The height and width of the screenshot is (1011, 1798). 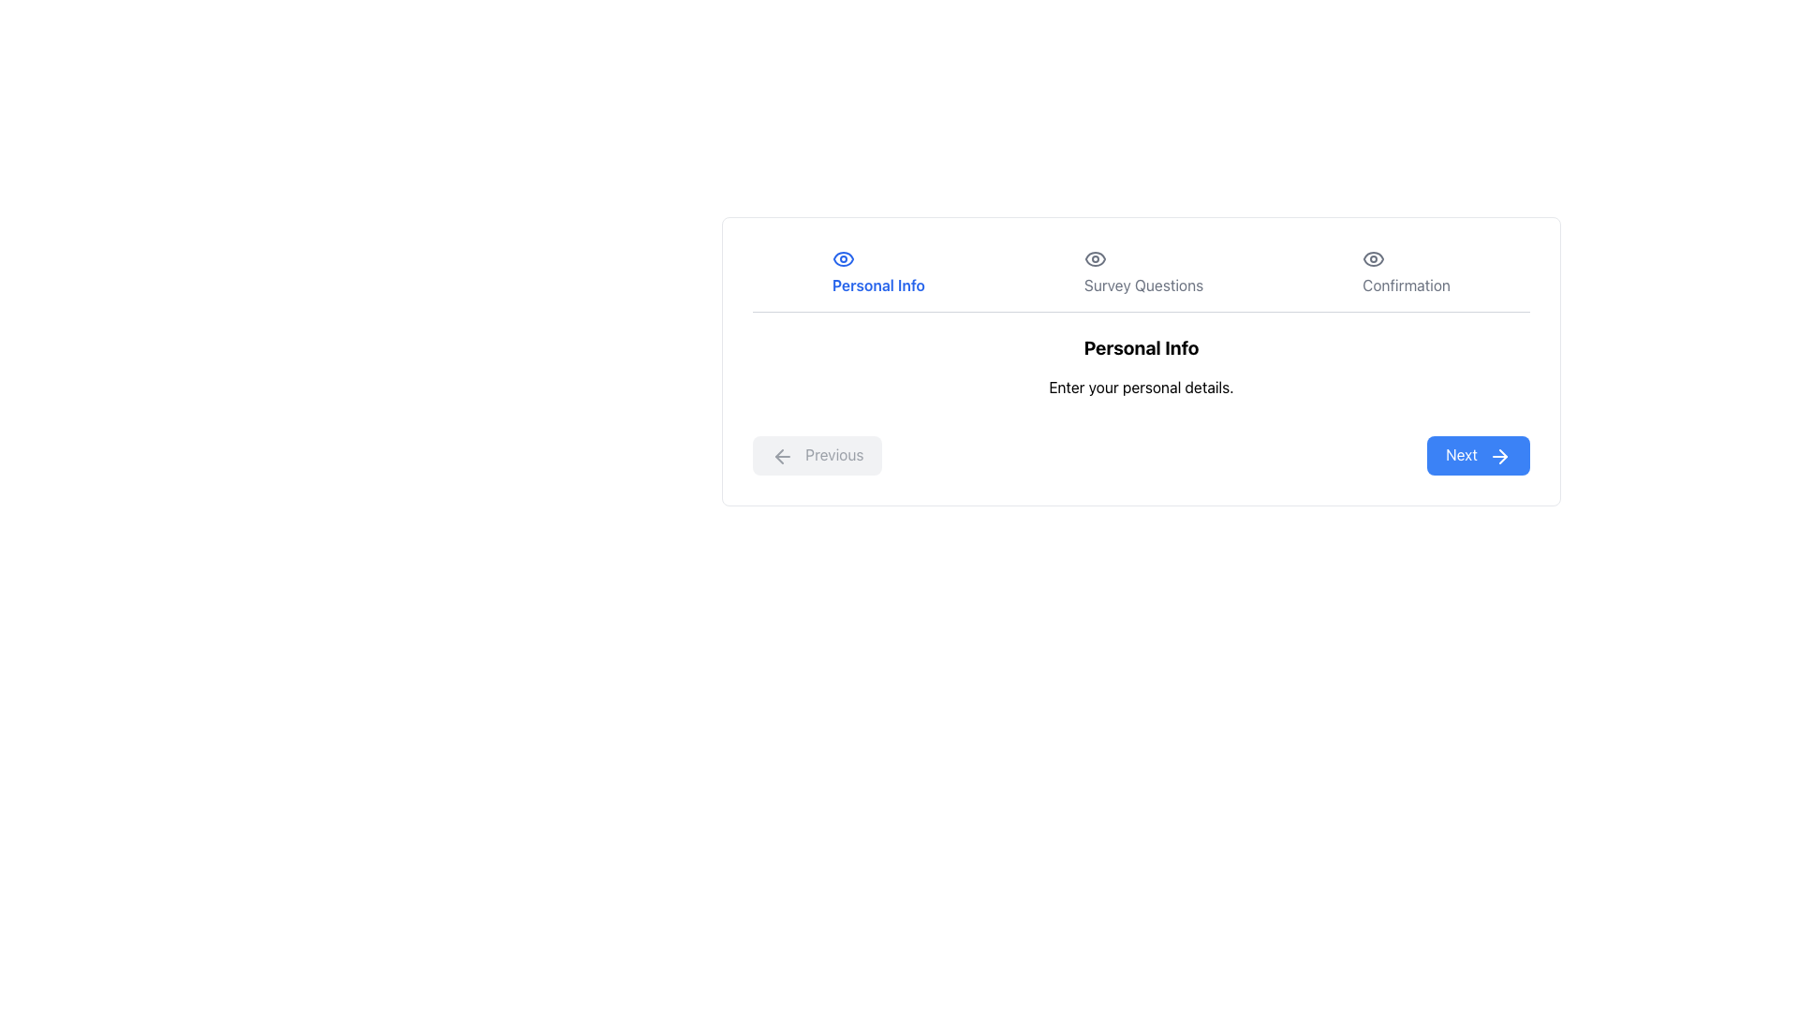 I want to click on the content of the 'Survey Questions' text label, which is the second item in the navigation menu, positioned between 'Personal Info' and 'Confirmation', so click(x=1142, y=271).